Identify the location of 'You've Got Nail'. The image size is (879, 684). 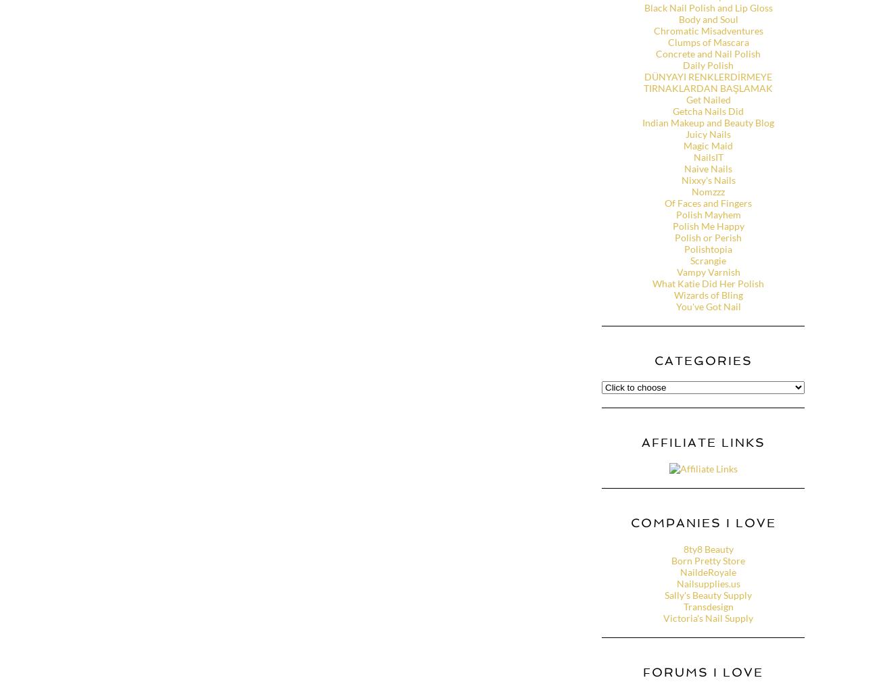
(708, 306).